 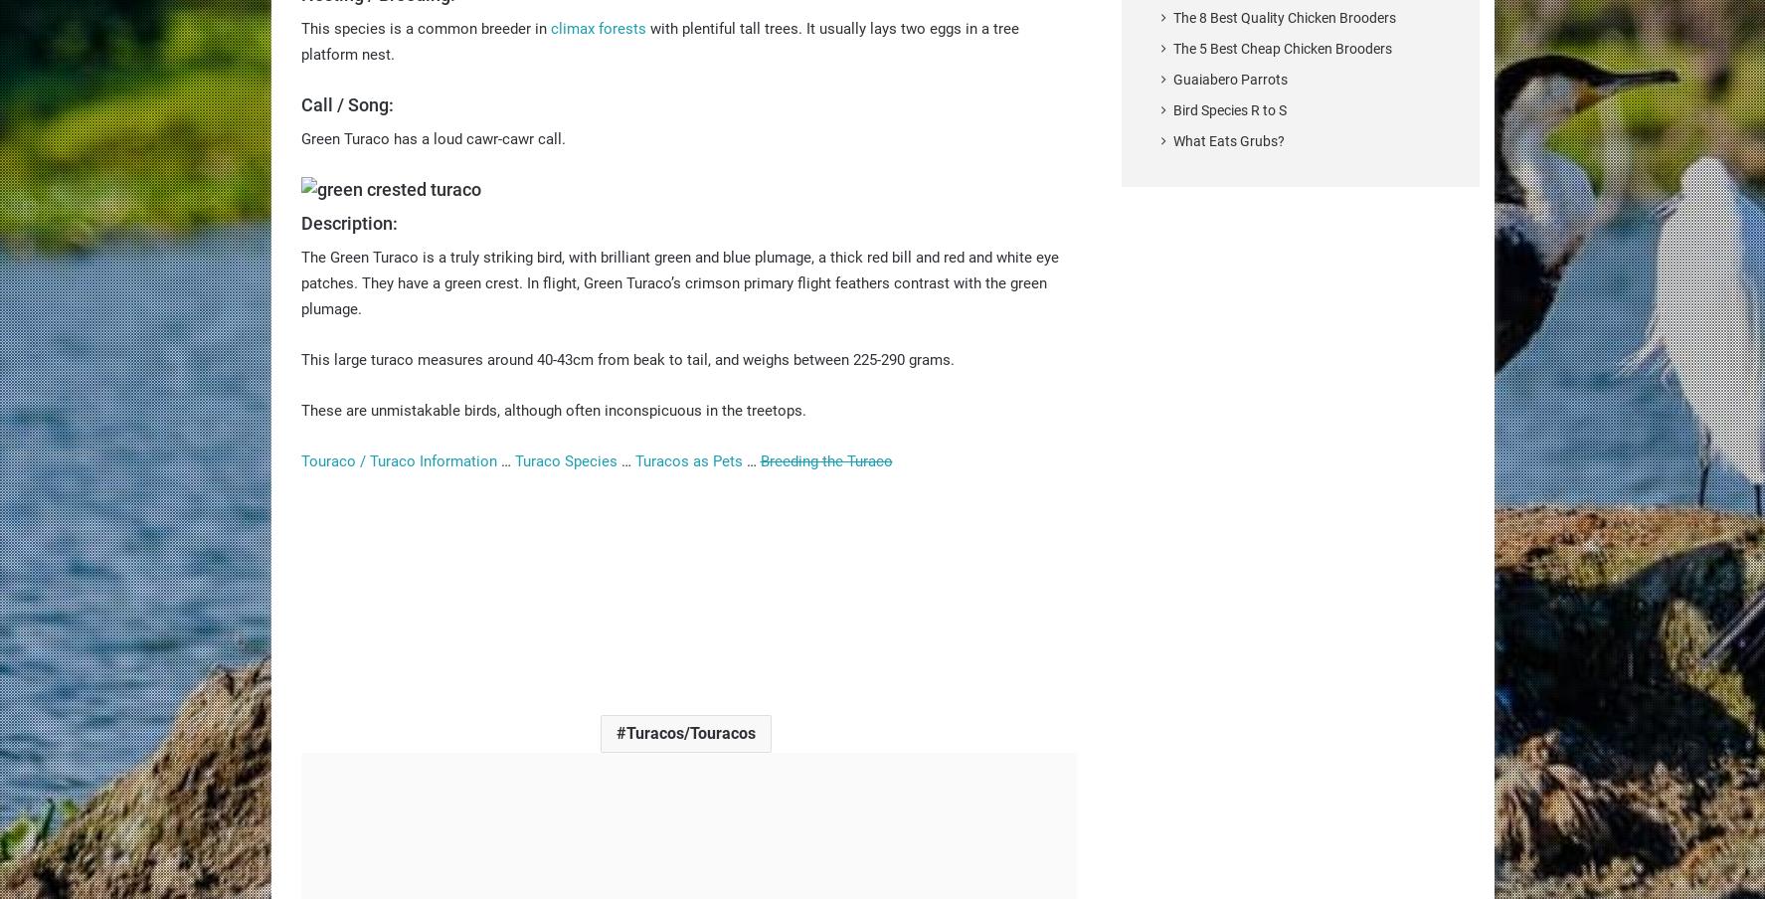 What do you see at coordinates (433, 137) in the screenshot?
I see `'Green Turaco has a loud cawr-cawr call.'` at bounding box center [433, 137].